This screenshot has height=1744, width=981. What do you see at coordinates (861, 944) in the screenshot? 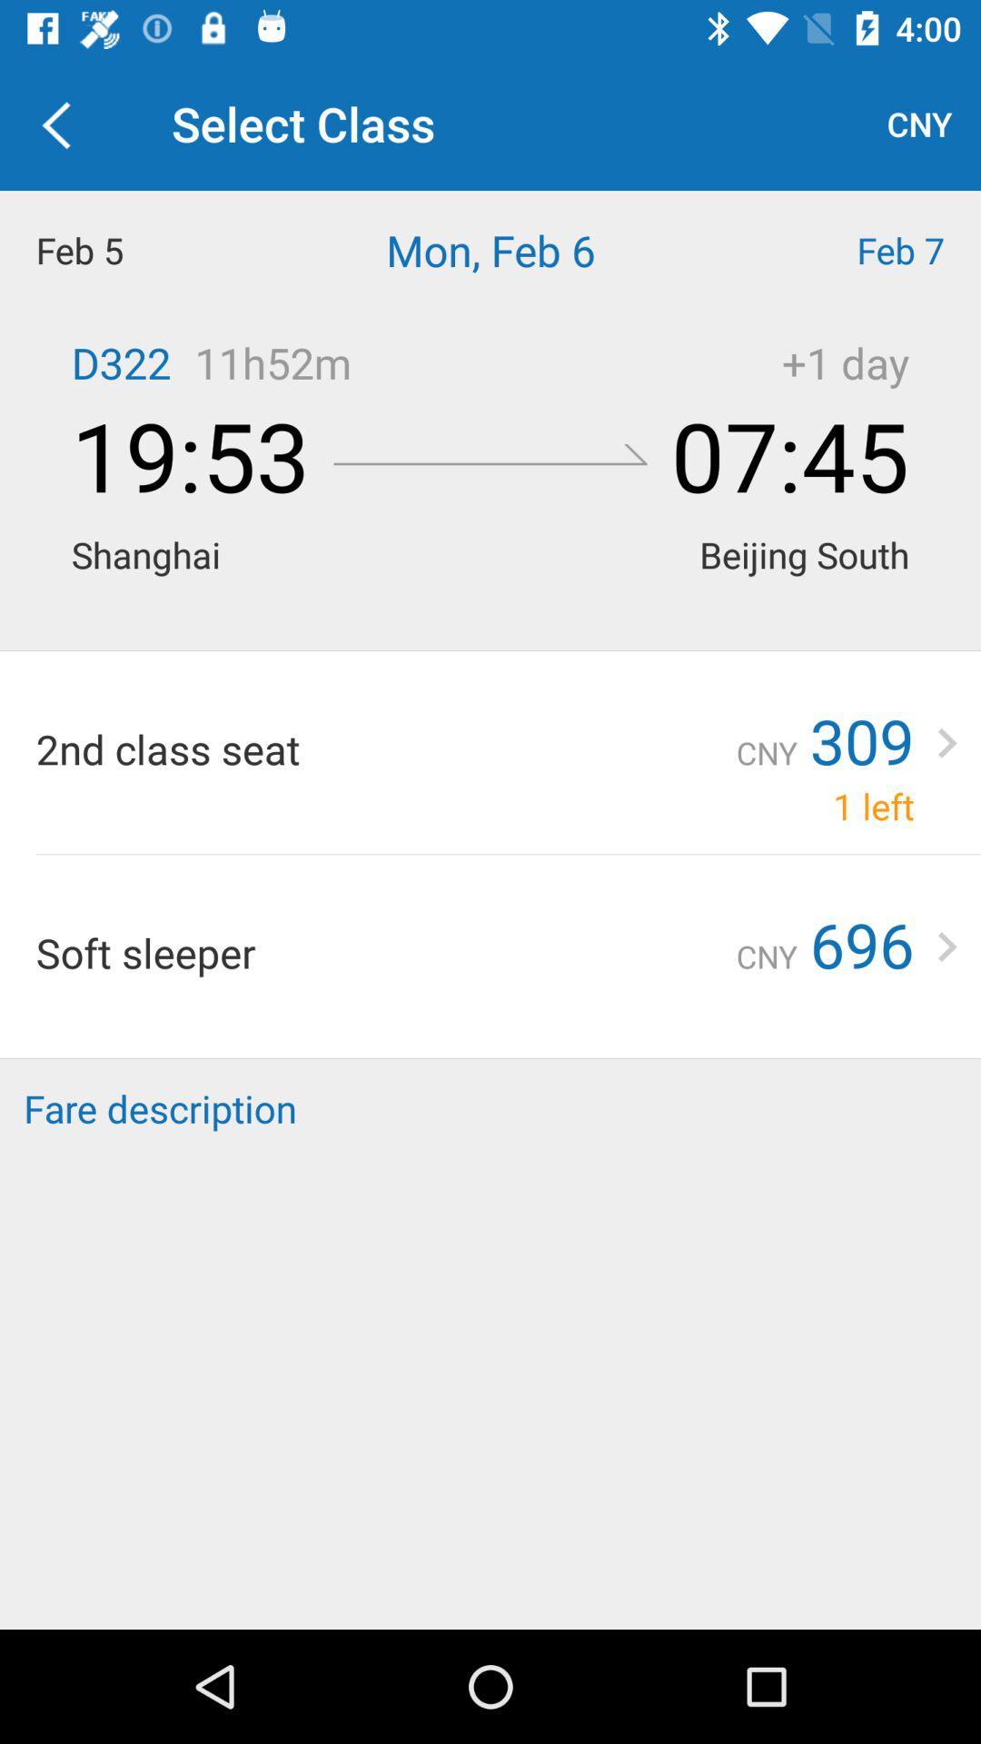
I see `item to the right of cny` at bounding box center [861, 944].